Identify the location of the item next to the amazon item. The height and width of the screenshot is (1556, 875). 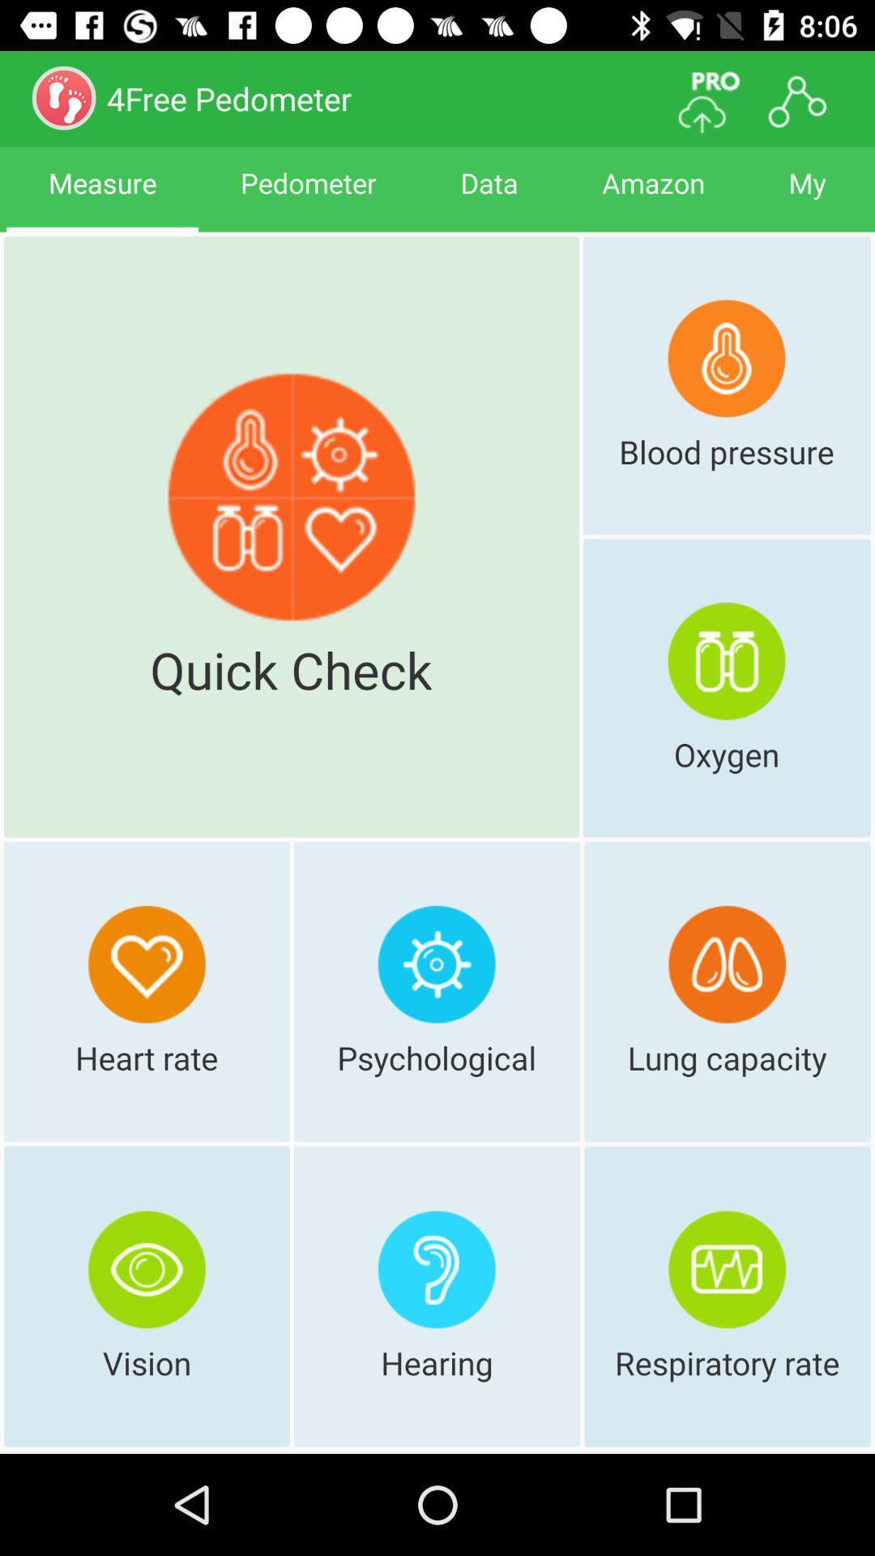
(807, 197).